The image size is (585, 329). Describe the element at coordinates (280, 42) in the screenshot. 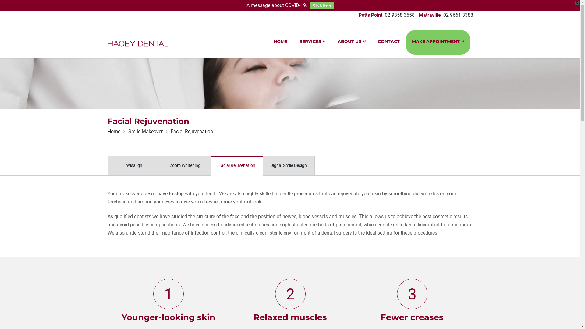

I see `'HOME'` at that location.